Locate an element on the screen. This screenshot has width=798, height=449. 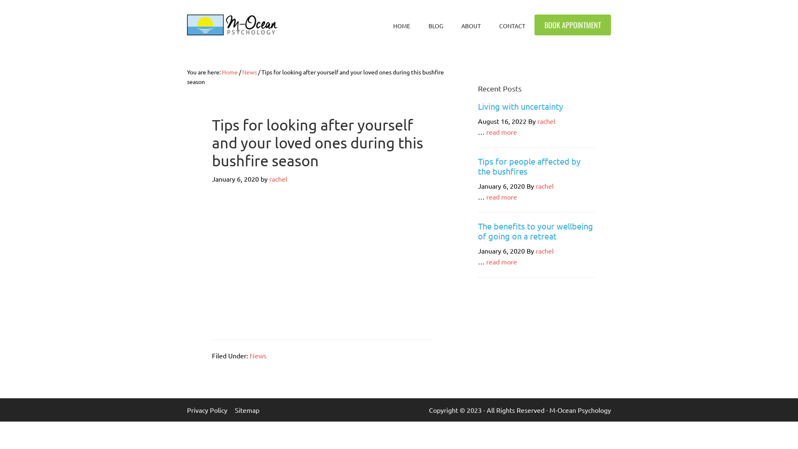
'M-Ocean Psychology Mansfield' is located at coordinates (187, 25).